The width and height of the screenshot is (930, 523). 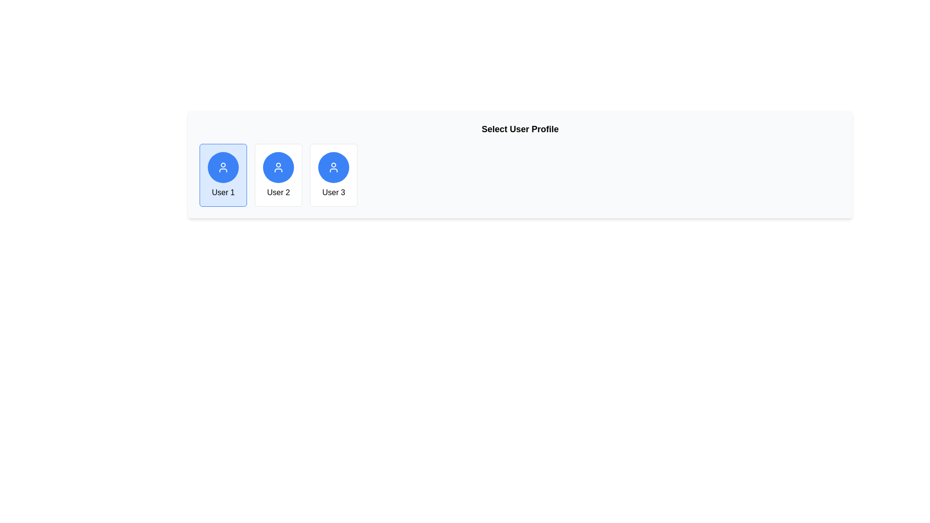 What do you see at coordinates (278, 167) in the screenshot?
I see `the blue circular button with a white user icon in the center` at bounding box center [278, 167].